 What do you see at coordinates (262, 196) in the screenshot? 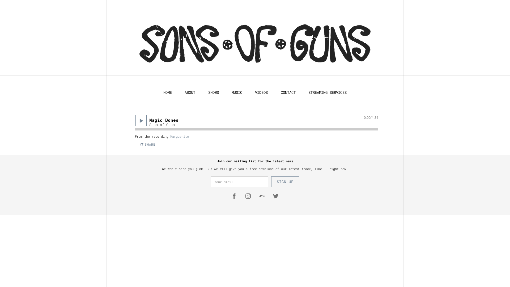
I see `'https://sonsofgunstheband.bandcamp.com/'` at bounding box center [262, 196].